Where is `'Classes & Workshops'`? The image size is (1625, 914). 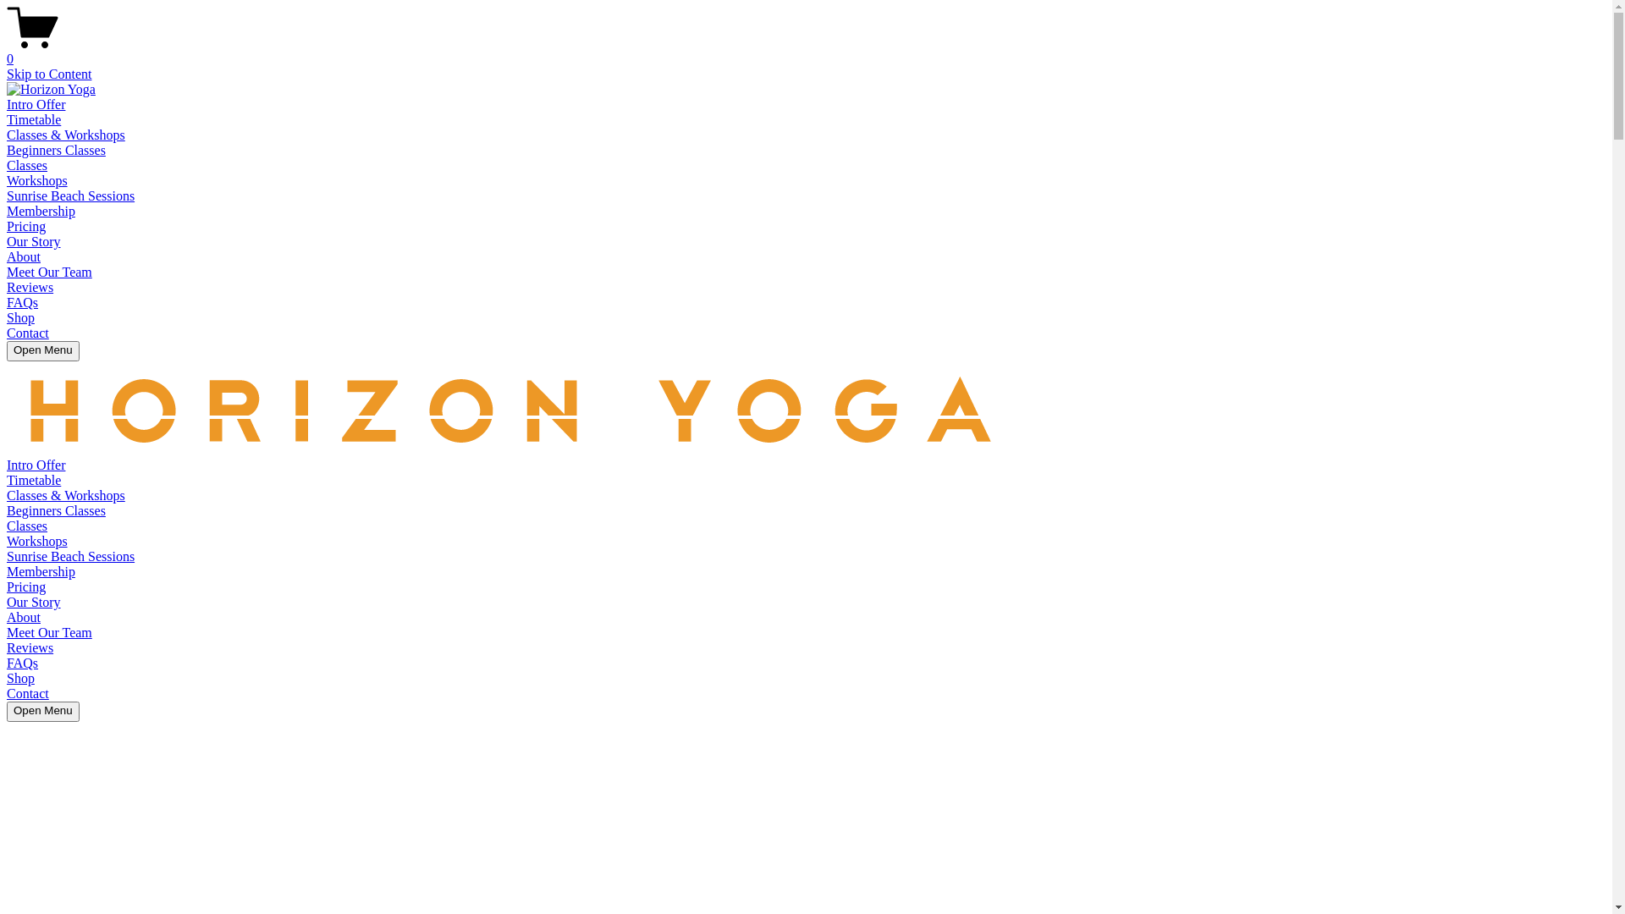
'Classes & Workshops' is located at coordinates (65, 495).